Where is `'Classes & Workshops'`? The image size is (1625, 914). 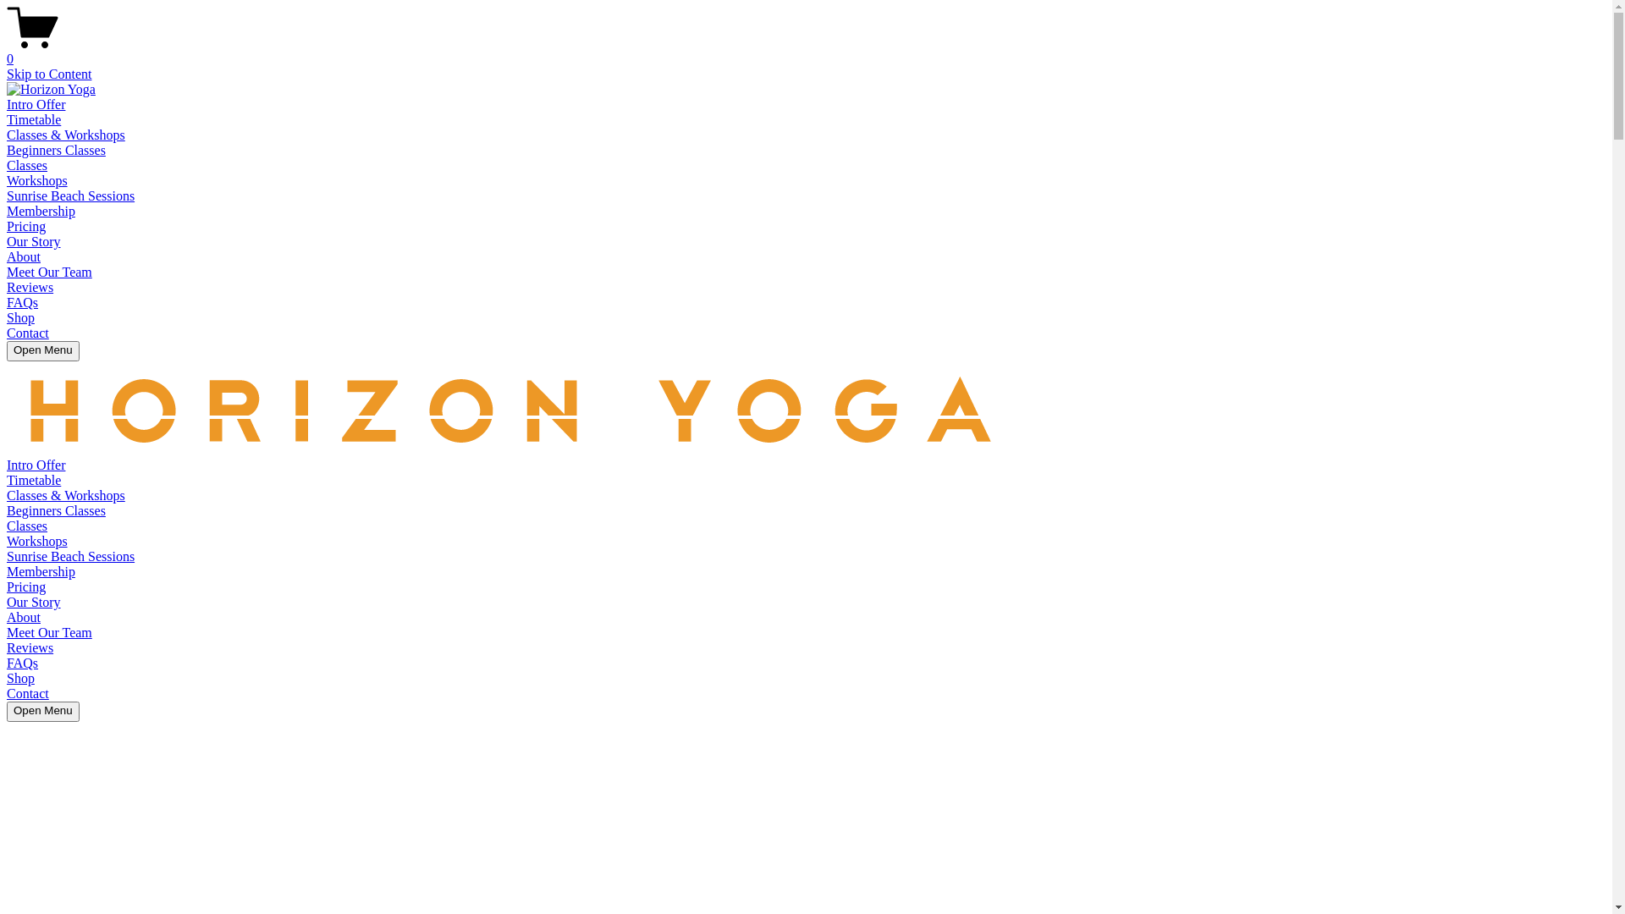
'Classes & Workshops' is located at coordinates (65, 495).